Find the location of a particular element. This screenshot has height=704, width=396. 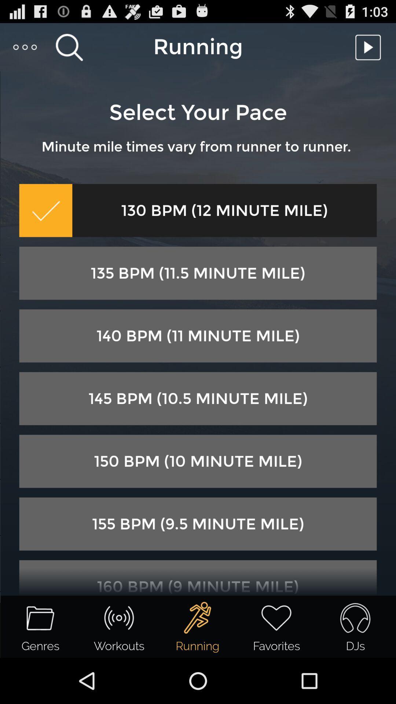

option is located at coordinates (370, 47).